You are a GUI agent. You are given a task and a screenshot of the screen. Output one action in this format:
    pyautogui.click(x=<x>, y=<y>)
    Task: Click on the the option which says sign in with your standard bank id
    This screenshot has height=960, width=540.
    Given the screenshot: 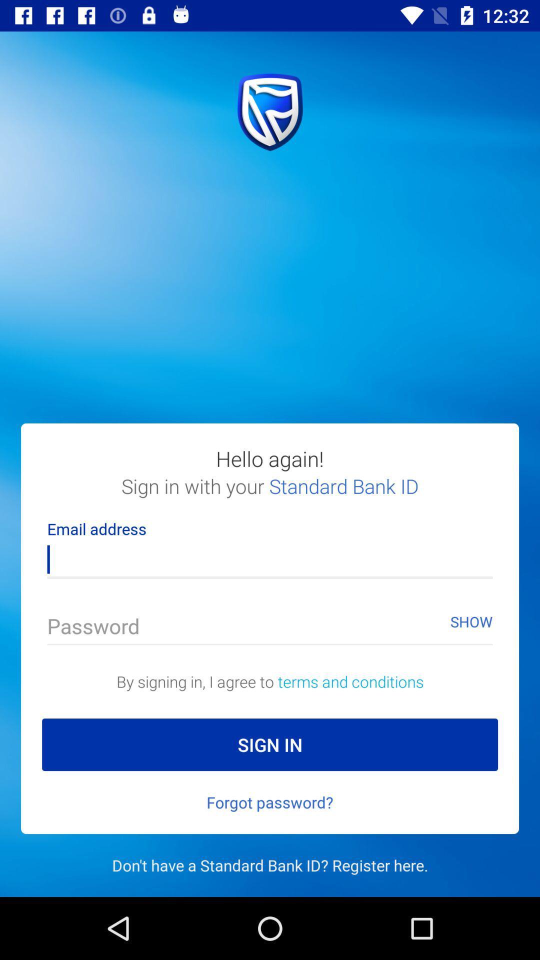 What is the action you would take?
    pyautogui.click(x=270, y=496)
    